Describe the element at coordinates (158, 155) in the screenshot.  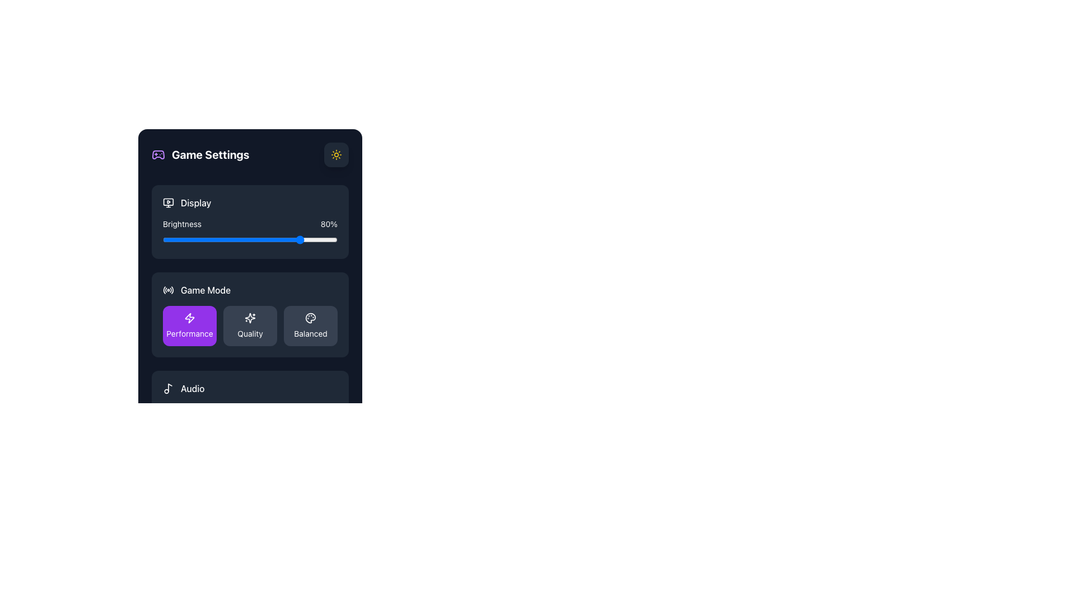
I see `the gamepad icon in the header section labeled 'Game Settings', which is compact, purple, and positioned to the left of the text 'Game Settings'` at that location.